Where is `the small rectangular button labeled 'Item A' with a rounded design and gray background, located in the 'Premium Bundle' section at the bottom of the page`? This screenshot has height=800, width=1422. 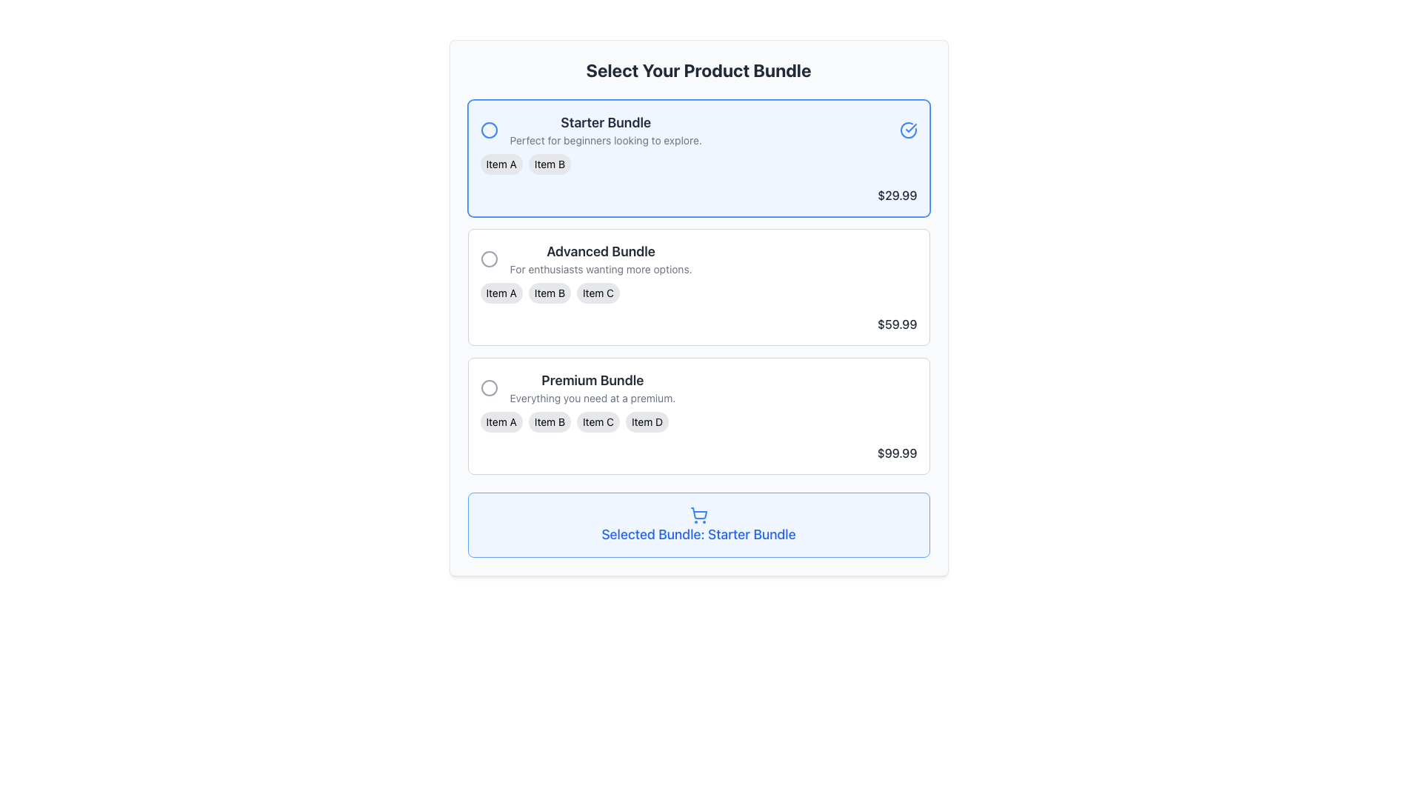 the small rectangular button labeled 'Item A' with a rounded design and gray background, located in the 'Premium Bundle' section at the bottom of the page is located at coordinates (501, 422).